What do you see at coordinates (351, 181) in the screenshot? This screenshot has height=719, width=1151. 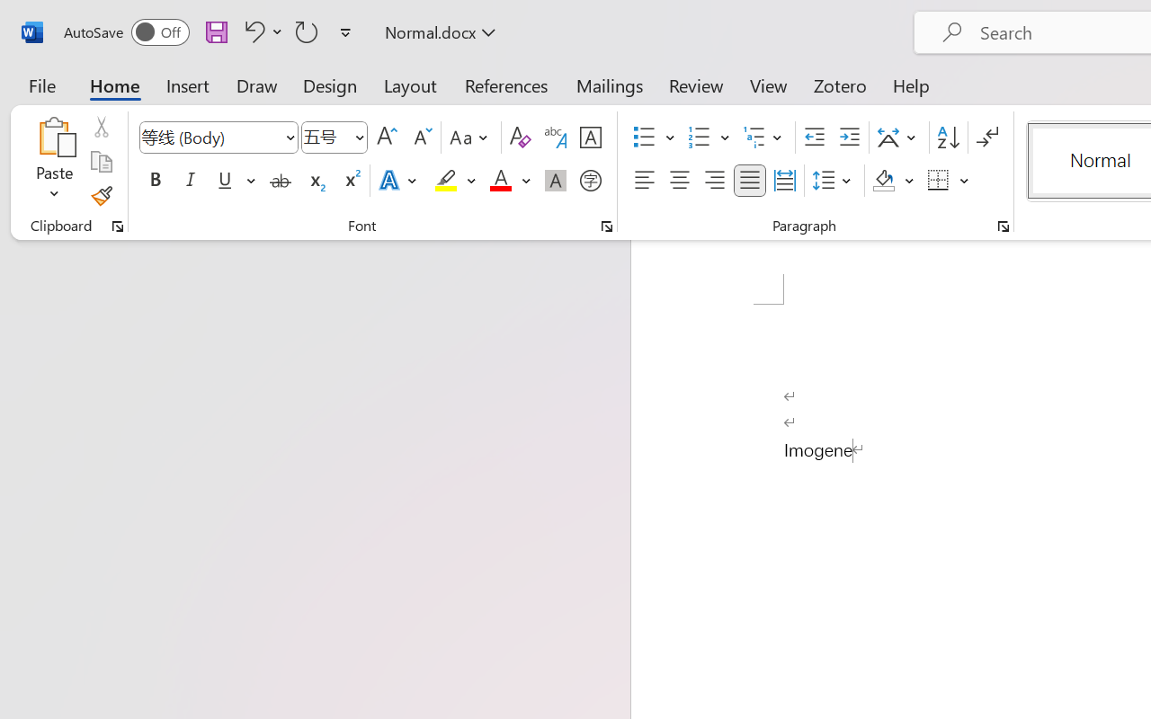 I see `'Superscript'` at bounding box center [351, 181].